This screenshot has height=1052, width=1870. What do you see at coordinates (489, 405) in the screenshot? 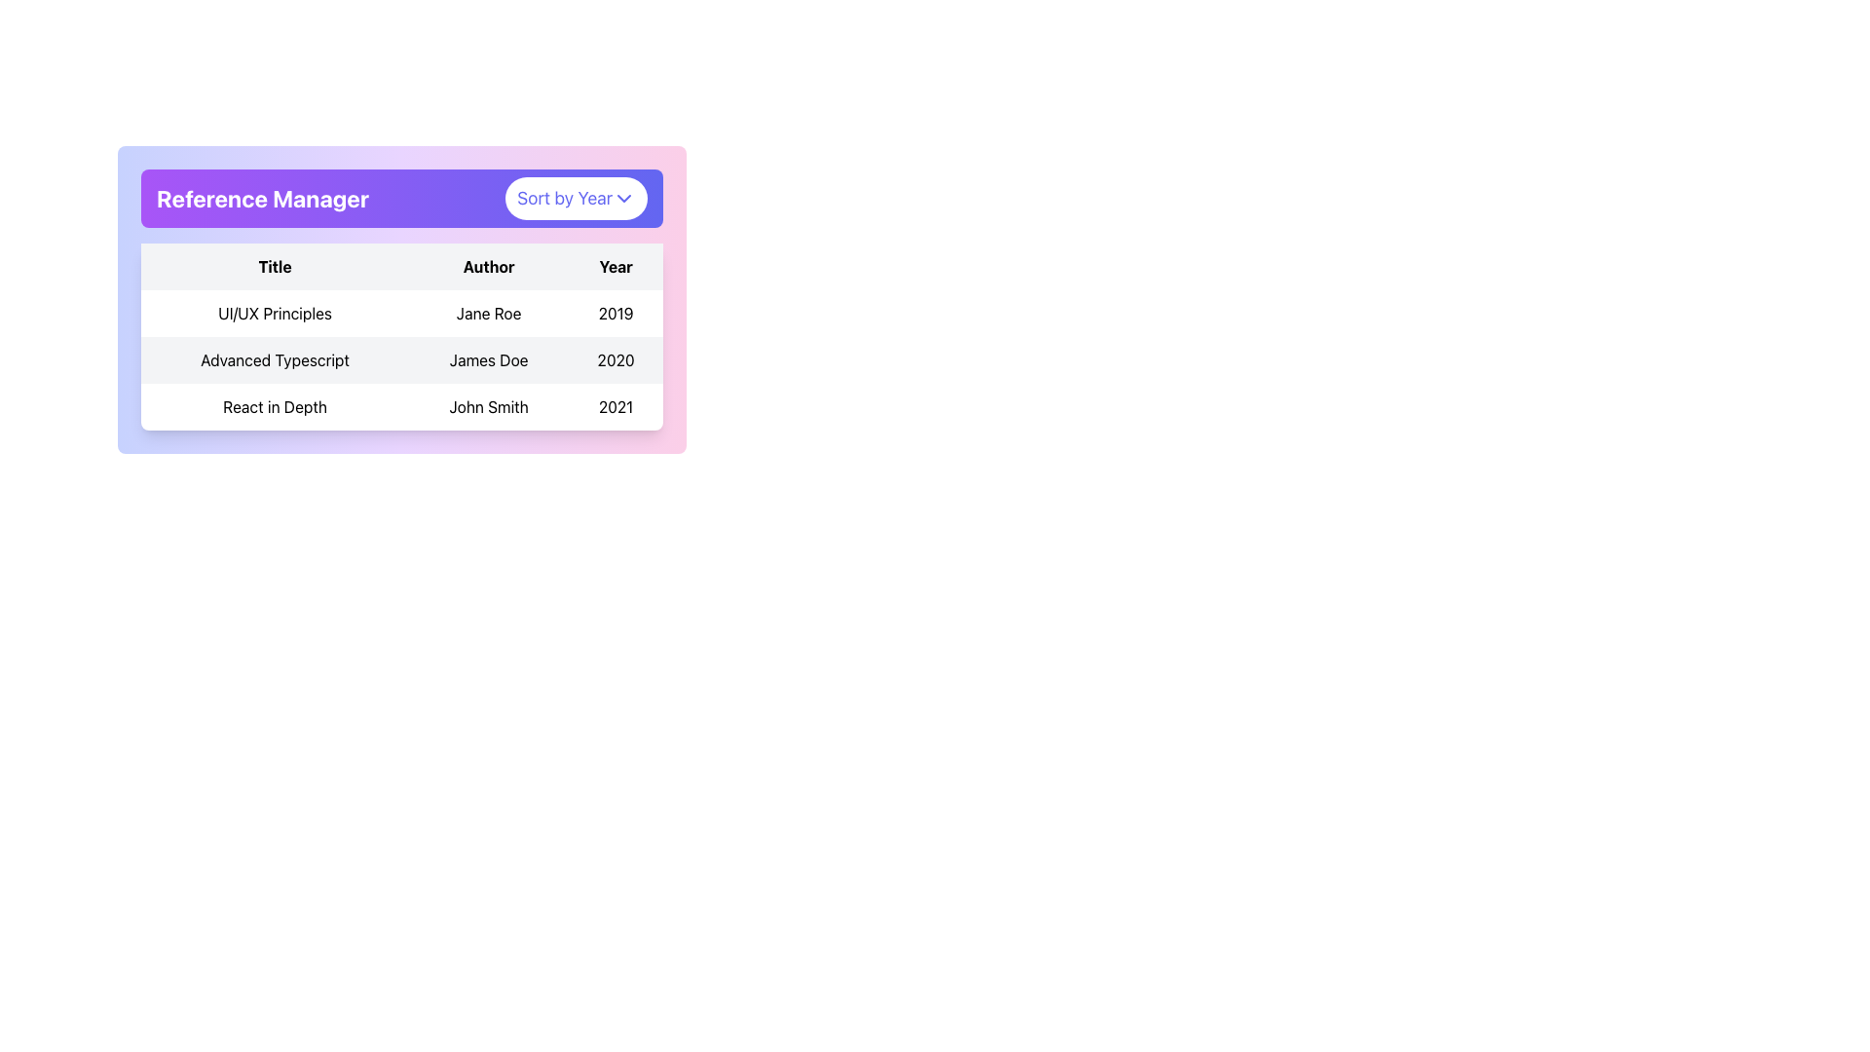
I see `the text label displaying the name 'John Smith' located in the 'Author' column of the 'React in Depth' row for reading` at bounding box center [489, 405].